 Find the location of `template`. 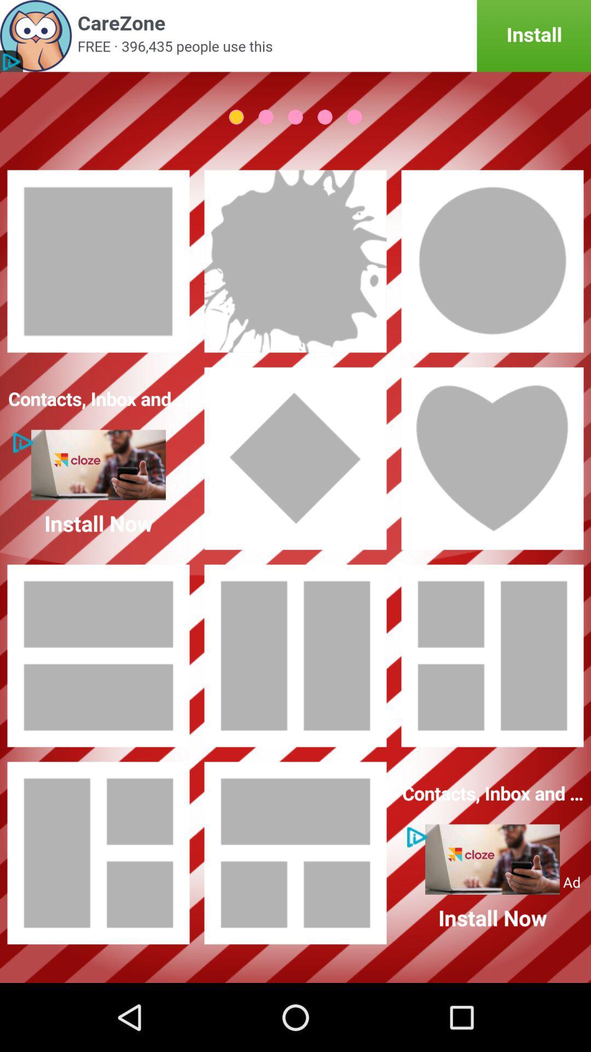

template is located at coordinates (491, 655).